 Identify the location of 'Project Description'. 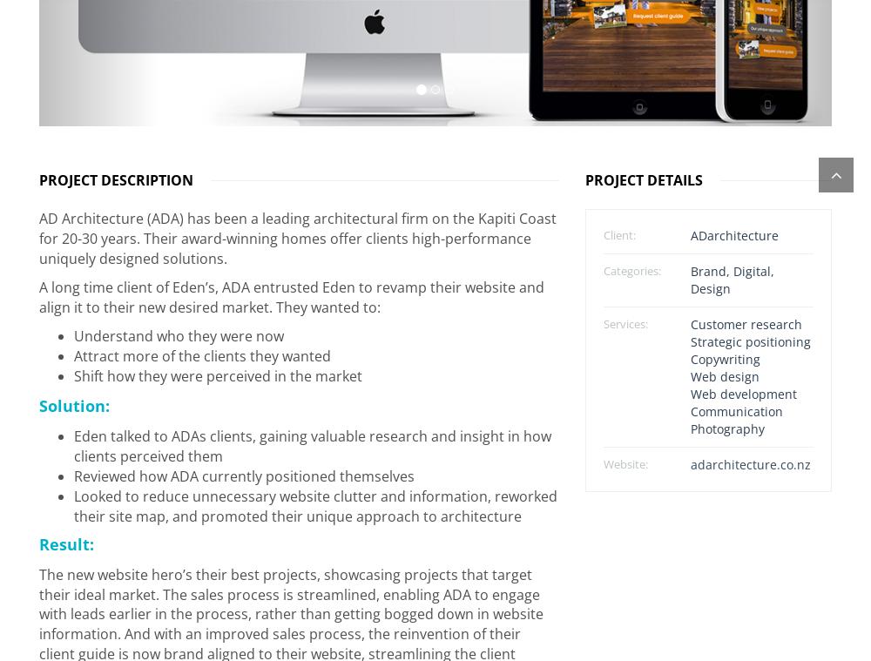
(116, 173).